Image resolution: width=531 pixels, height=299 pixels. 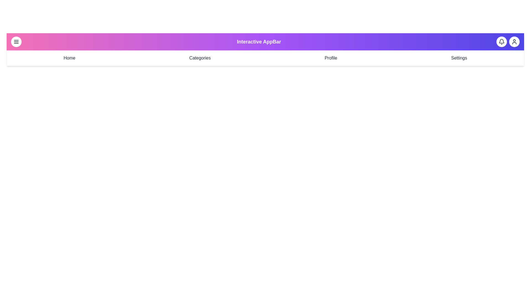 What do you see at coordinates (16, 41) in the screenshot?
I see `the menu button to toggle the menu visibility` at bounding box center [16, 41].